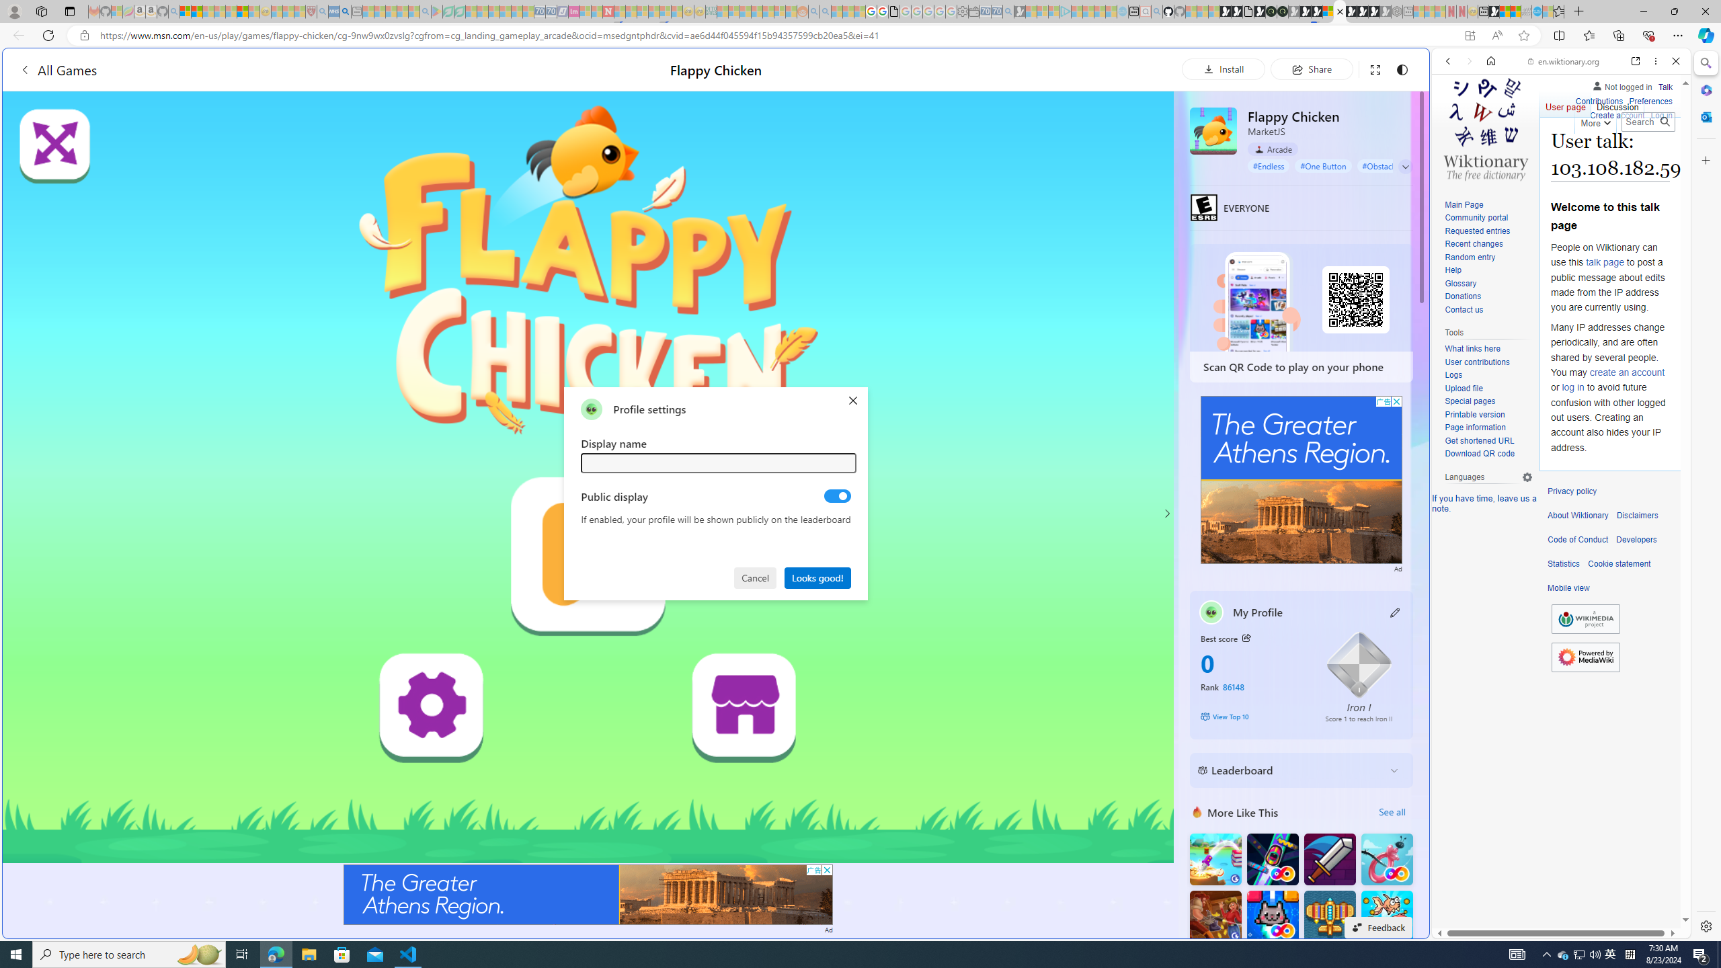 The image size is (1721, 968). What do you see at coordinates (1619, 690) in the screenshot?
I see `'Actions for this site'` at bounding box center [1619, 690].